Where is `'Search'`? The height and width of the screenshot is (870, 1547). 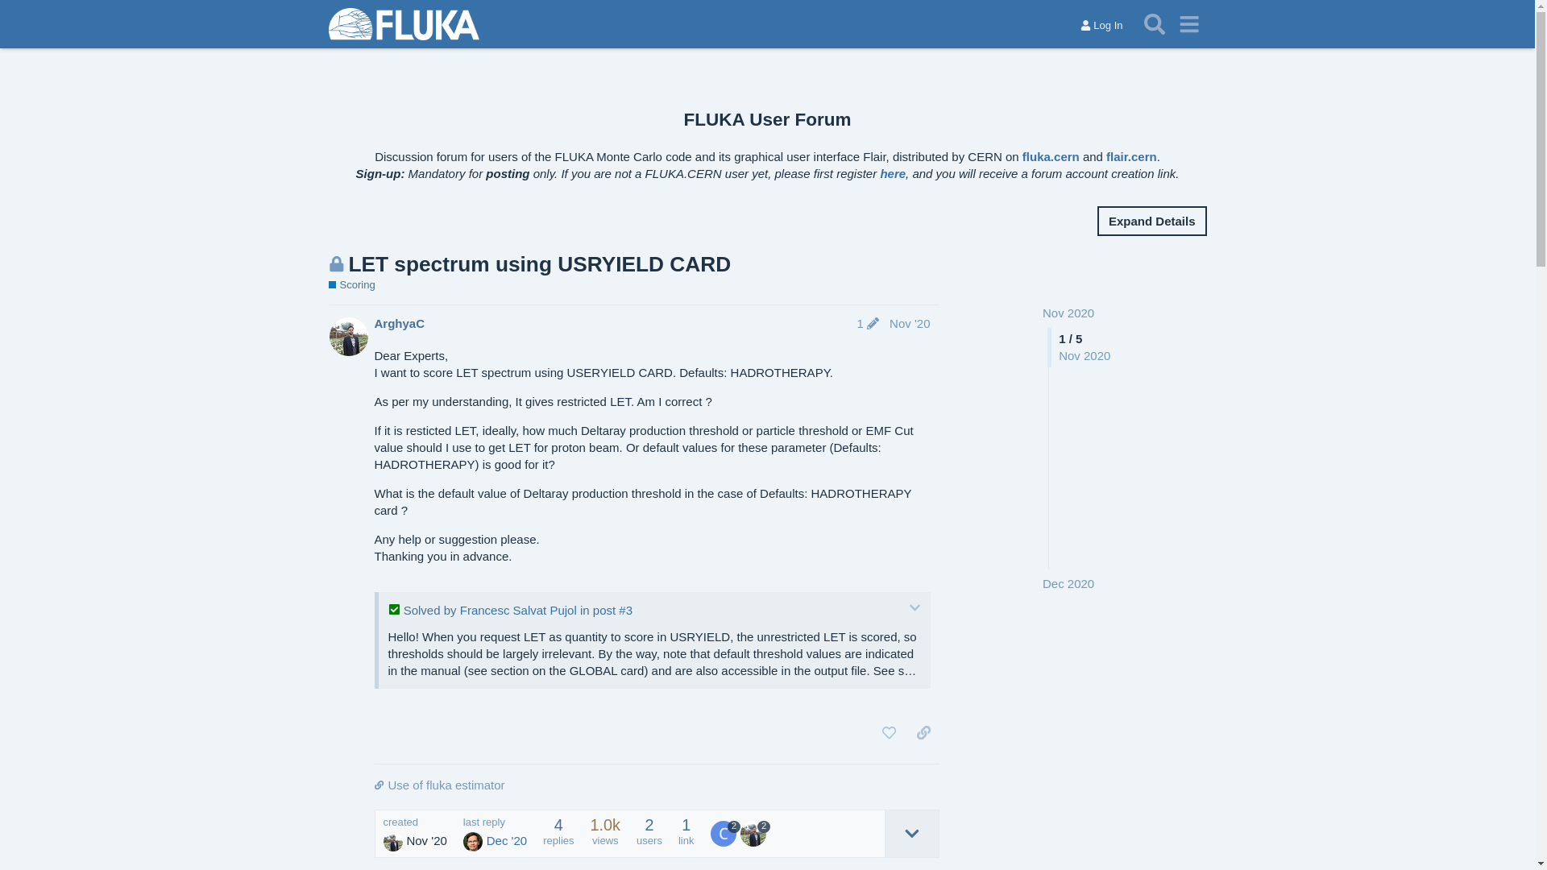 'Search' is located at coordinates (1136, 24).